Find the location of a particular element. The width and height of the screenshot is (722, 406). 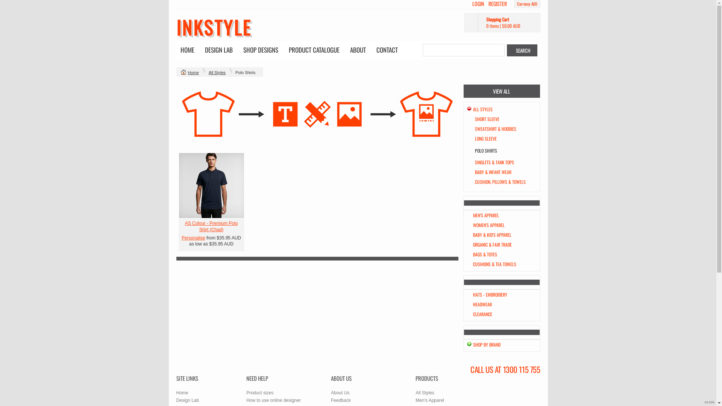

'AS Colour - Premium Polo Shirt (Chad)' is located at coordinates (211, 226).